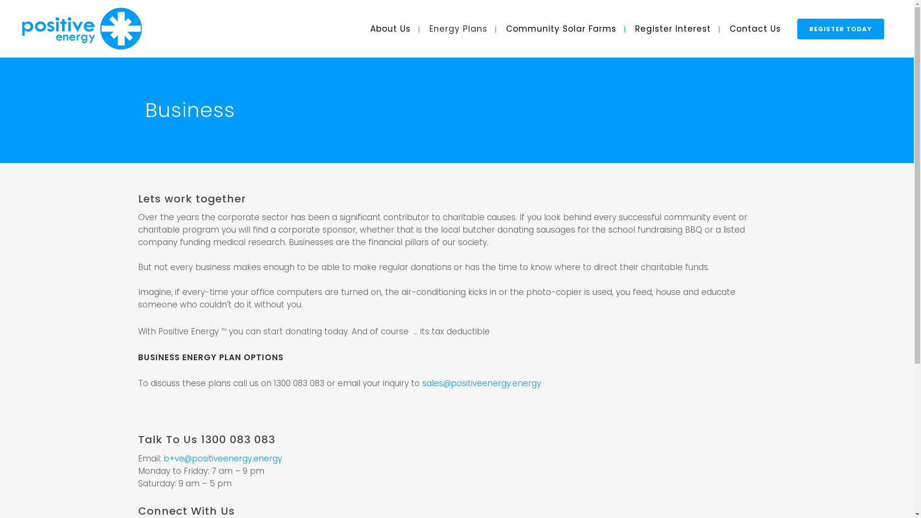 This screenshot has width=921, height=518. What do you see at coordinates (721, 28) in the screenshot?
I see `'Contact Us'` at bounding box center [721, 28].